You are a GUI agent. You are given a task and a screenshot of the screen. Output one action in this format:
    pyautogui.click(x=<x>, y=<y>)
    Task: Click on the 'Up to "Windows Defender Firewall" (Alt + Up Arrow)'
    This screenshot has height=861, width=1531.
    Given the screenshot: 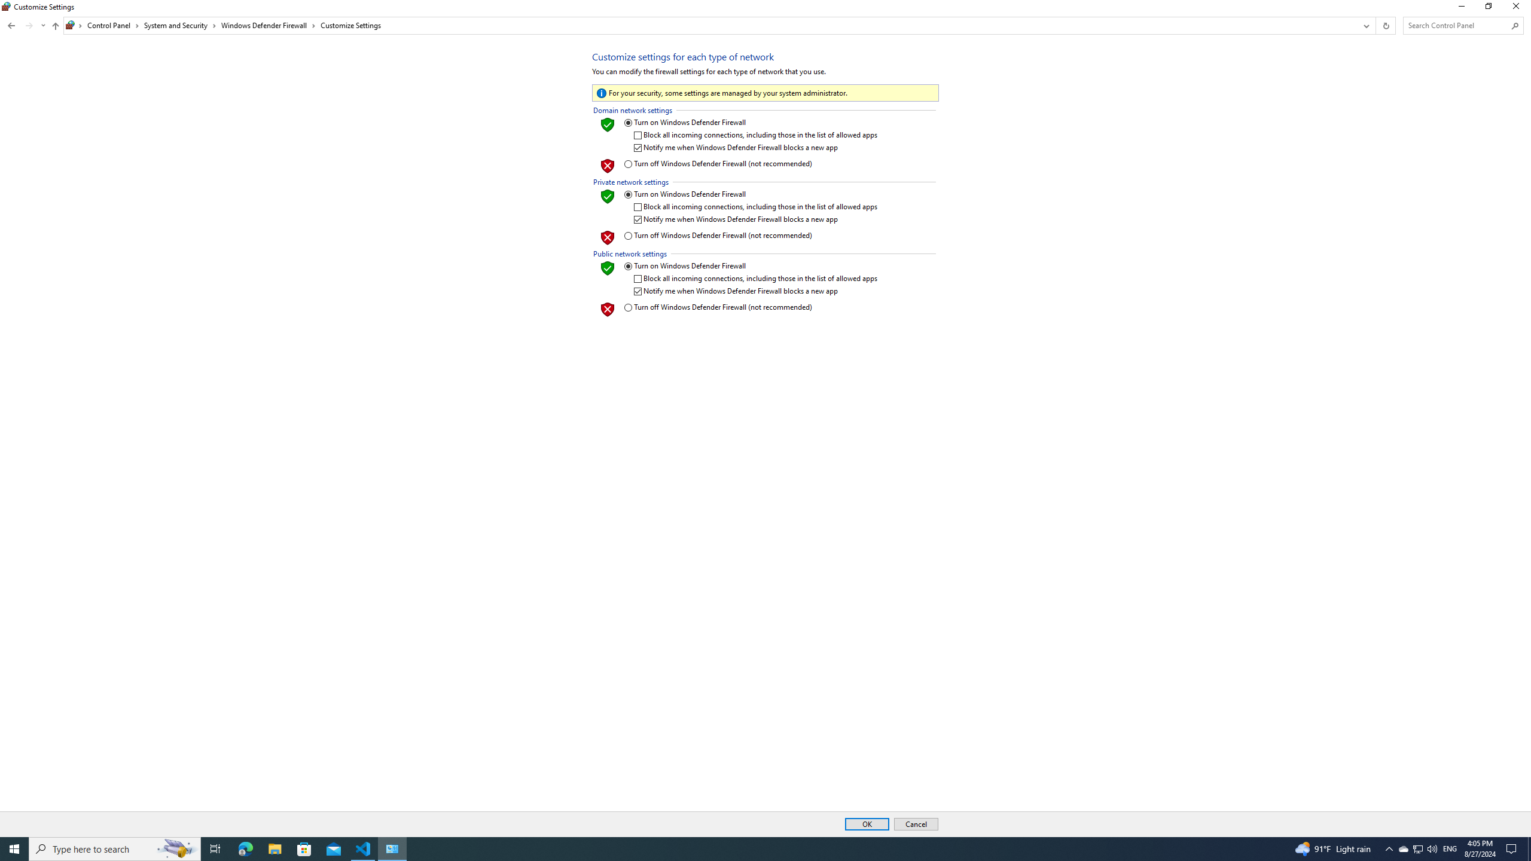 What is the action you would take?
    pyautogui.click(x=56, y=25)
    